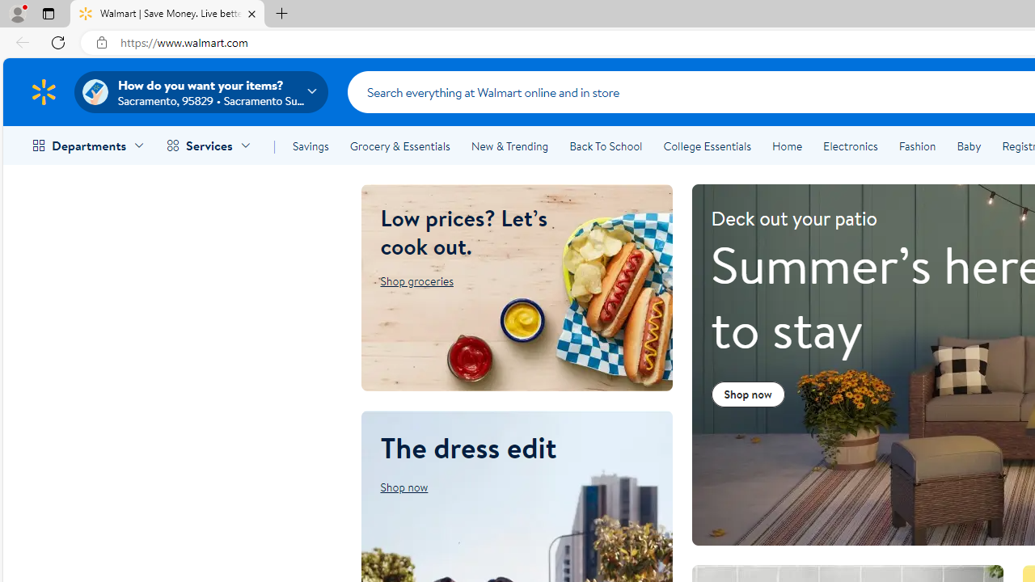 Image resolution: width=1035 pixels, height=582 pixels. What do you see at coordinates (167, 14) in the screenshot?
I see `'Walmart | Save Money. Live better.'` at bounding box center [167, 14].